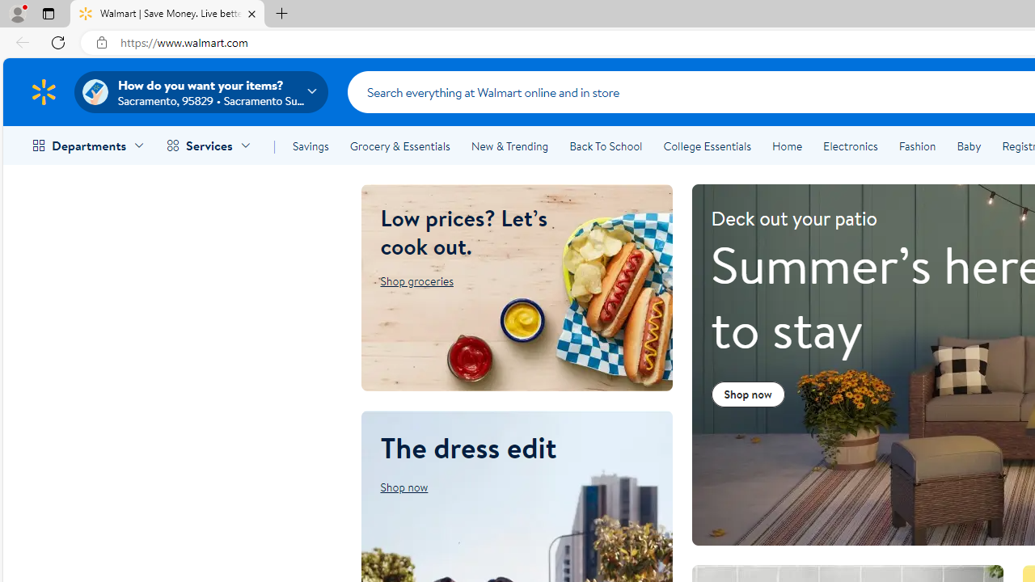 Image resolution: width=1035 pixels, height=582 pixels. What do you see at coordinates (167, 14) in the screenshot?
I see `'Walmart | Save Money. Live better.'` at bounding box center [167, 14].